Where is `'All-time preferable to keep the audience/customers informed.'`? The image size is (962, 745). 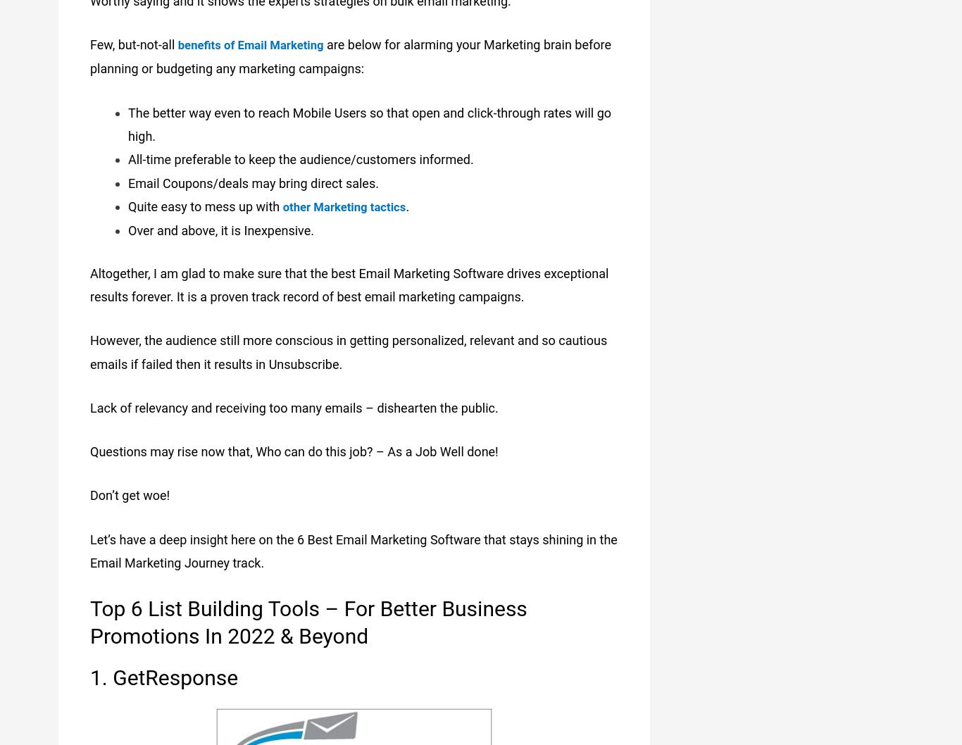 'All-time preferable to keep the audience/customers informed.' is located at coordinates (300, 158).